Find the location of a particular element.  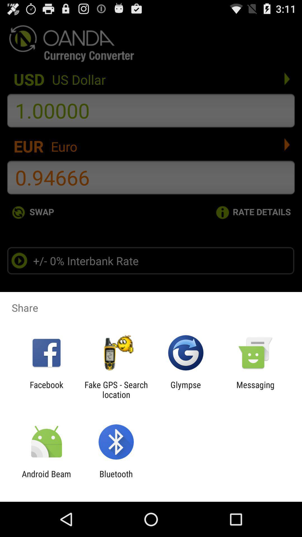

item to the left of bluetooth item is located at coordinates (46, 479).